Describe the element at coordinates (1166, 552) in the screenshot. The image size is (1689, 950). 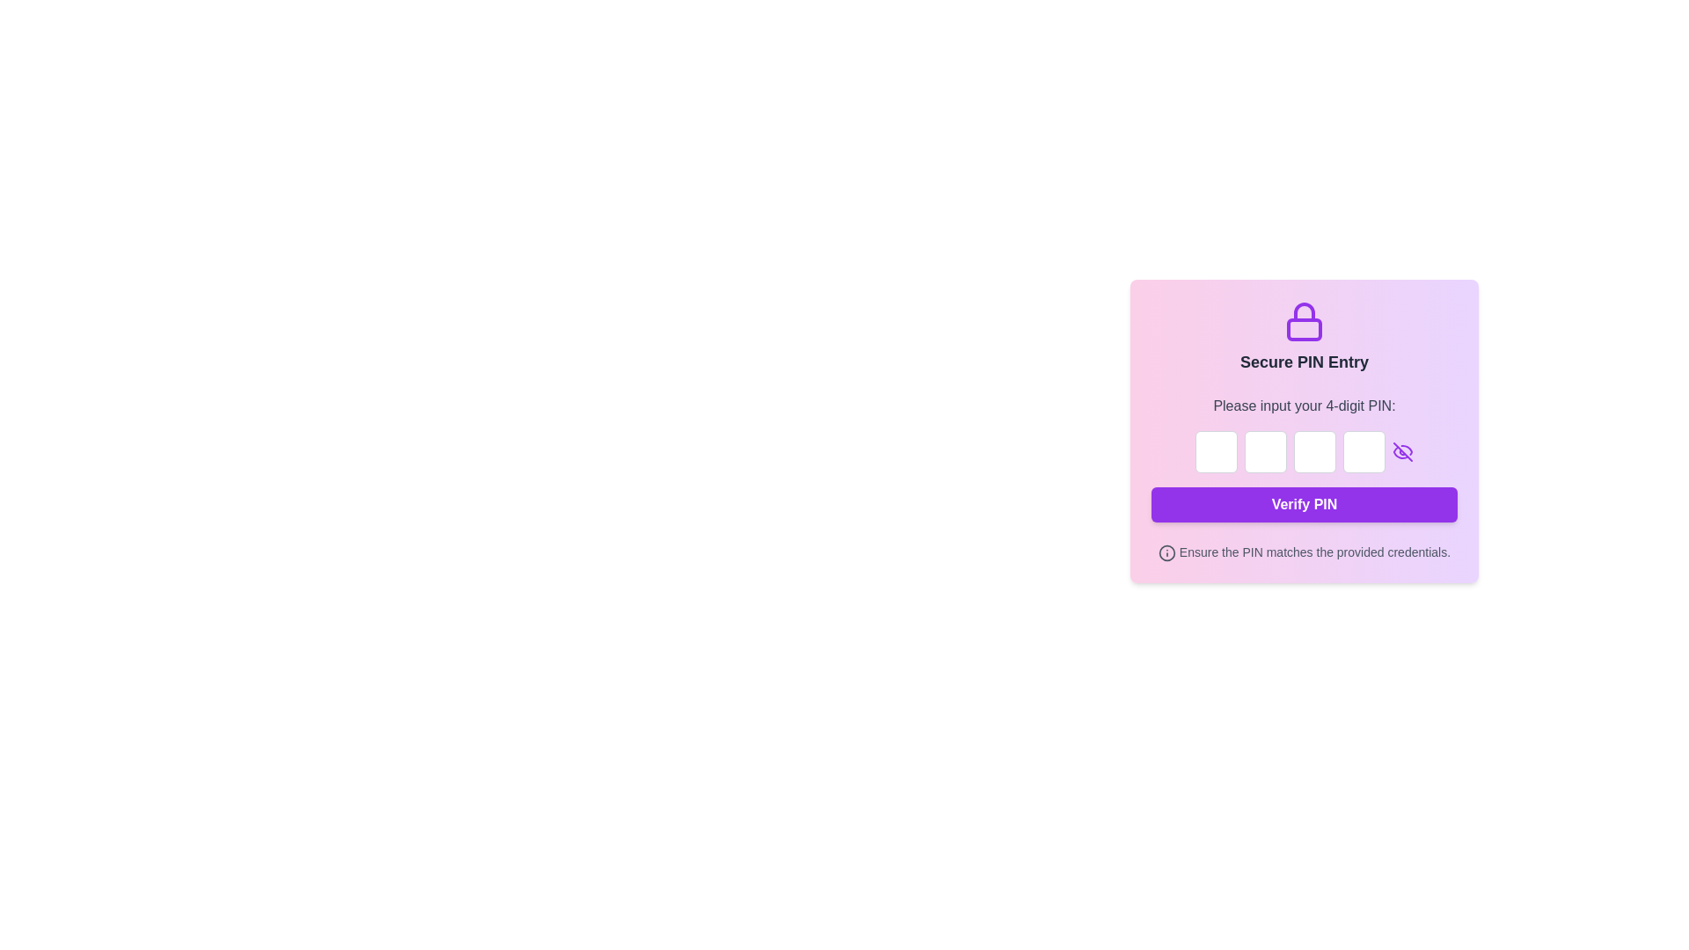
I see `the circular icon with an information symbol, located to the left of the text 'Ensure the PIN matches the provided credentials.'` at that location.